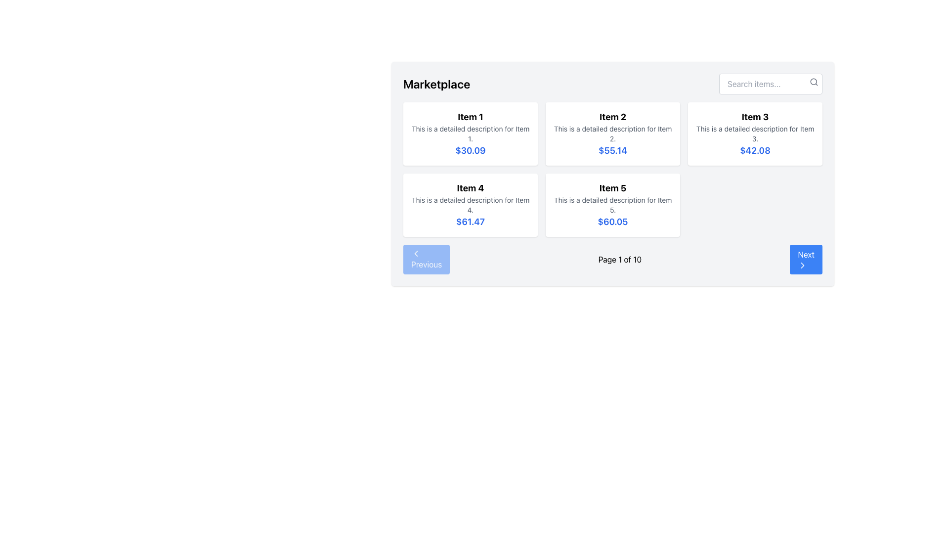  I want to click on the 'Next' button, which has a blue background and white text, so click(806, 259).